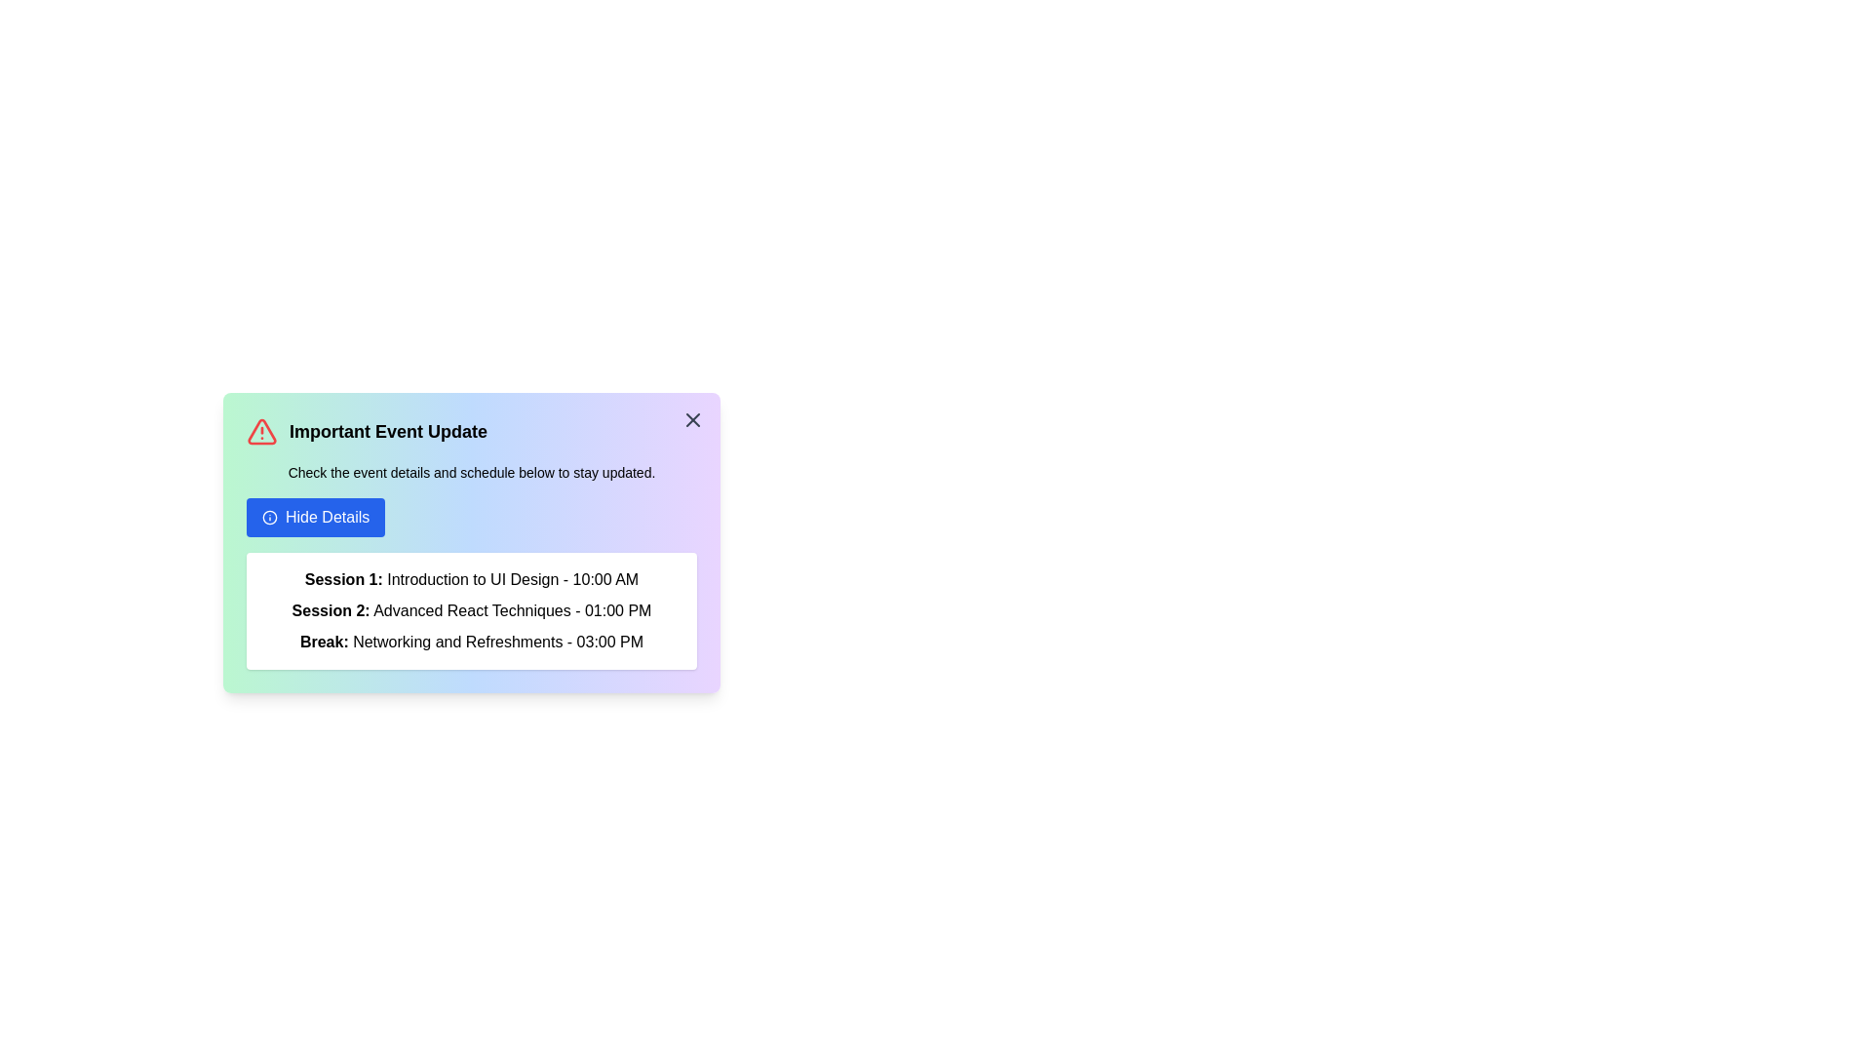 The image size is (1872, 1053). Describe the element at coordinates (316, 517) in the screenshot. I see `the 'Hide Details' button to toggle the visibility of the details section` at that location.